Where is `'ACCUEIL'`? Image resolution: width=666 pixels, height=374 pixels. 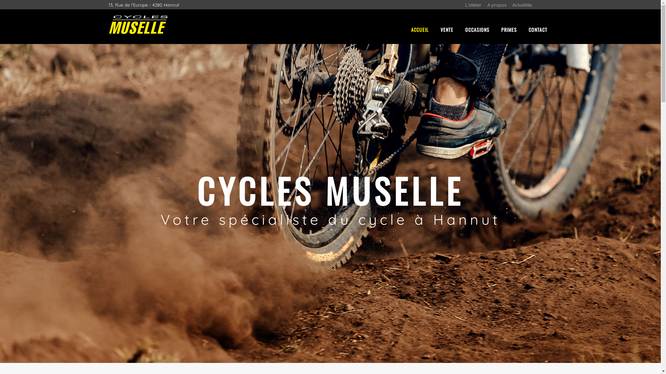 'ACCUEIL' is located at coordinates (419, 29).